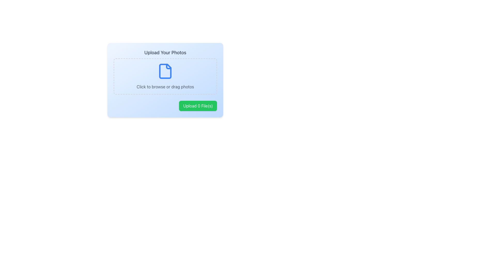 This screenshot has height=279, width=496. I want to click on the text label displaying 'Upload Your Photos,' which is styled in medium bold gray font and serves as the heading for the uploader card, so click(165, 53).